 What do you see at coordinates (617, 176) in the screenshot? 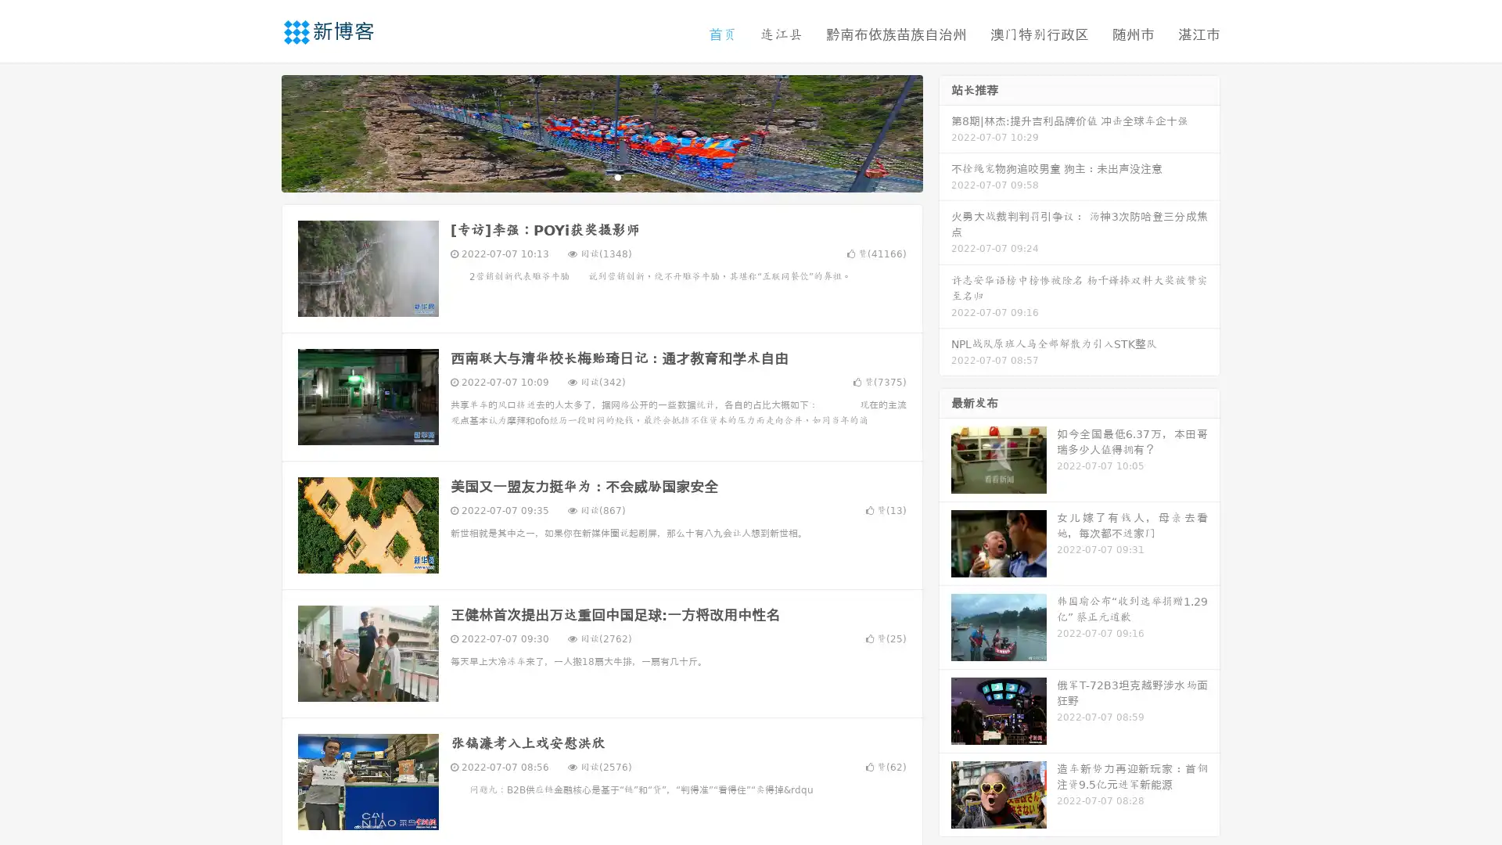
I see `Go to slide 3` at bounding box center [617, 176].